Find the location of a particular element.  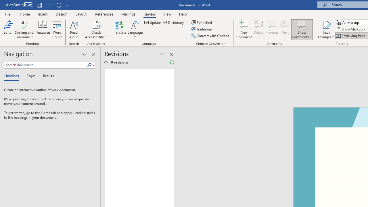

'Track Changes' is located at coordinates (326, 30).